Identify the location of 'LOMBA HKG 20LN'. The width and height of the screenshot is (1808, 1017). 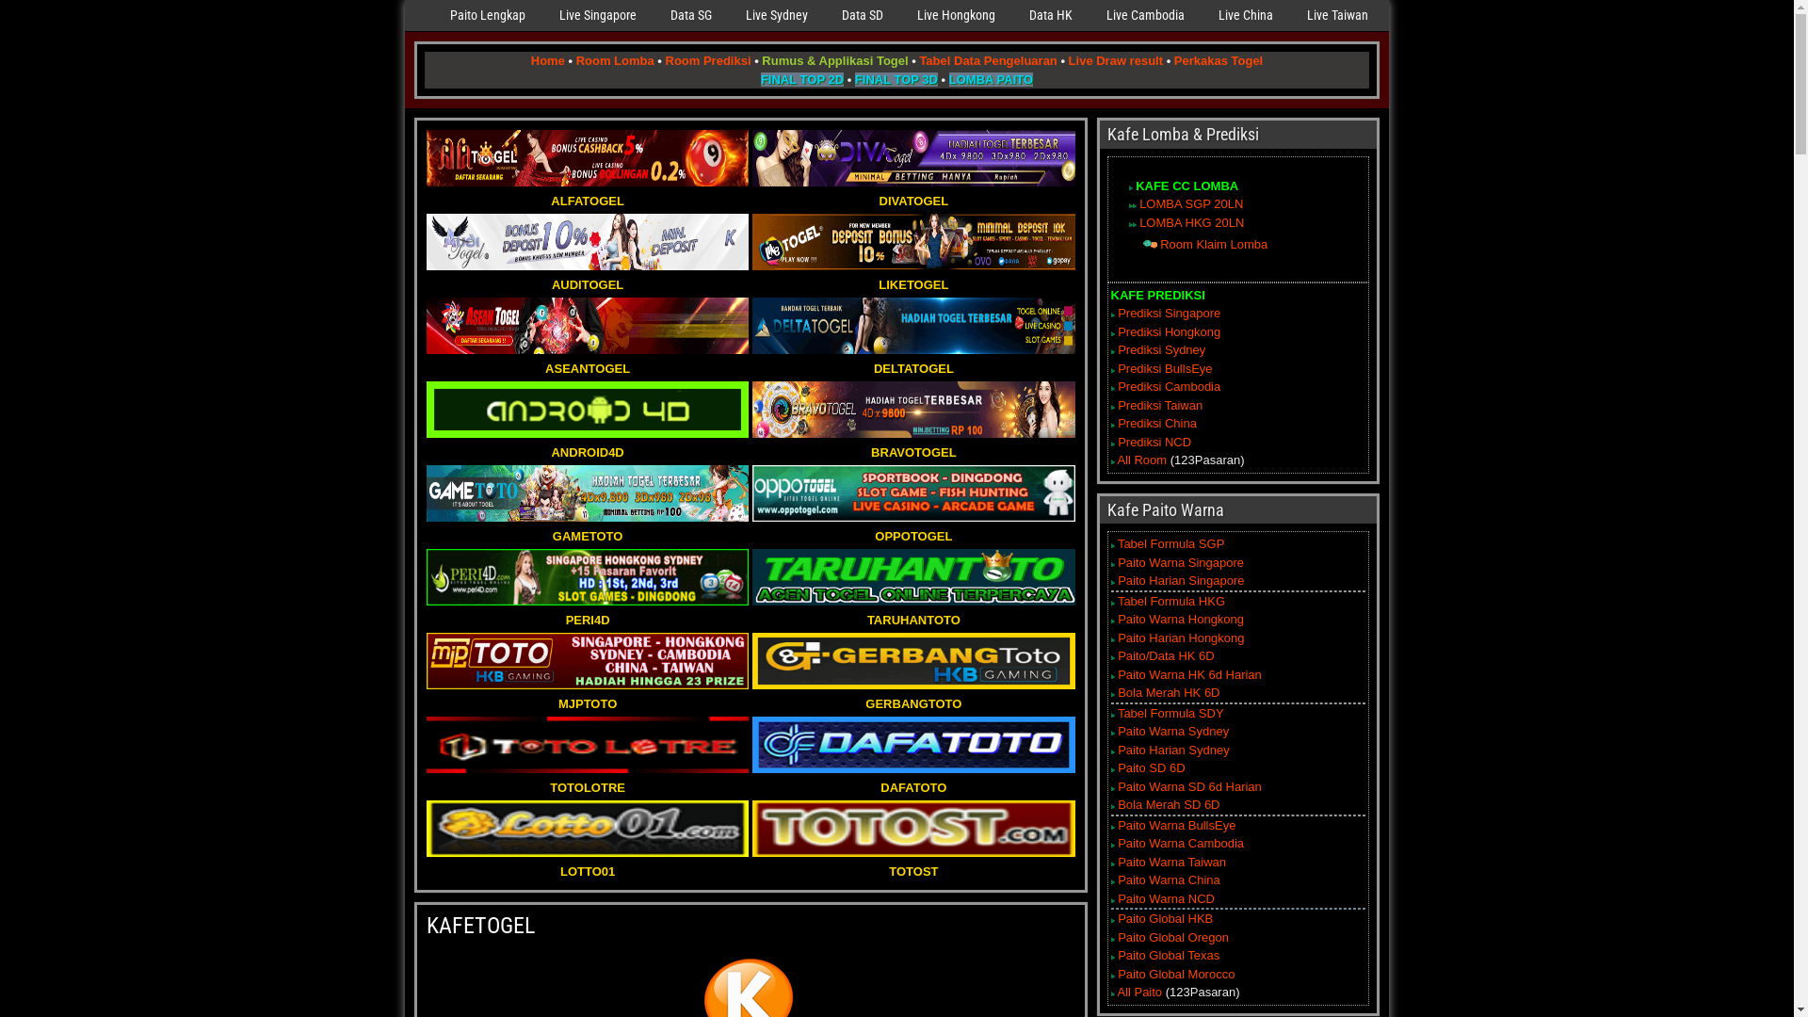
(1138, 221).